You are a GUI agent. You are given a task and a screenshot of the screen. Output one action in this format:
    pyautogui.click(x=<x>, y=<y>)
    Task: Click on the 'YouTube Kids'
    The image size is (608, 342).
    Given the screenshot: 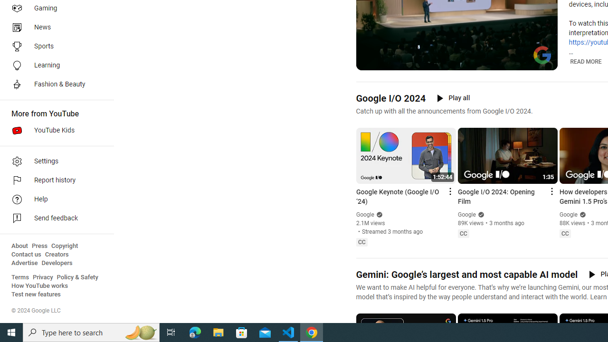 What is the action you would take?
    pyautogui.click(x=53, y=131)
    